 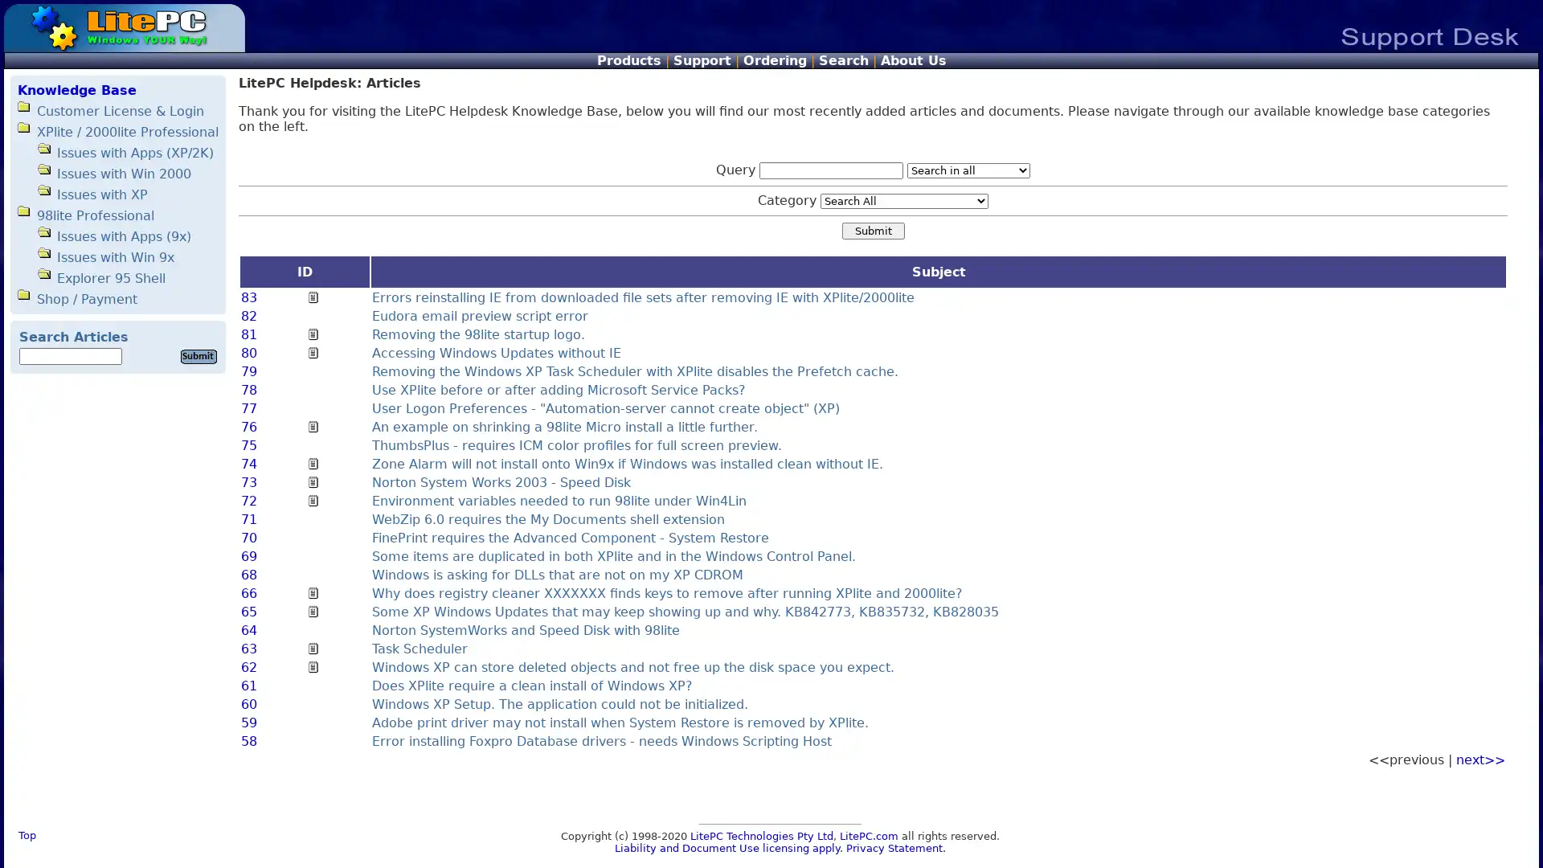 What do you see at coordinates (871, 231) in the screenshot?
I see `Submit` at bounding box center [871, 231].